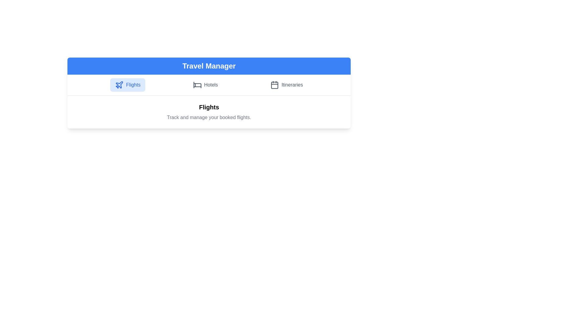  What do you see at coordinates (127, 85) in the screenshot?
I see `the tab labeled Flights to see its hover effect` at bounding box center [127, 85].